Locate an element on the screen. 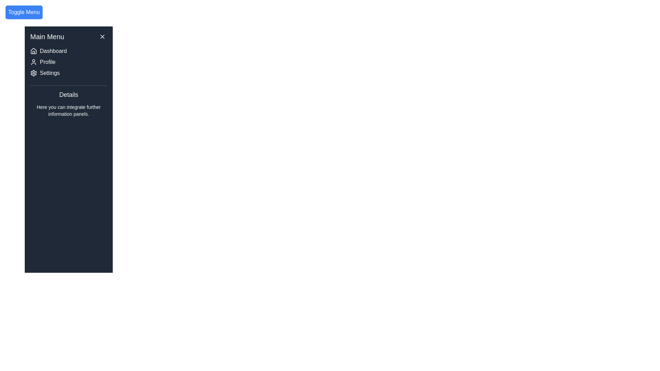 This screenshot has width=660, height=371. the close button icon located at the top-right corner of the main menu panel is located at coordinates (102, 37).